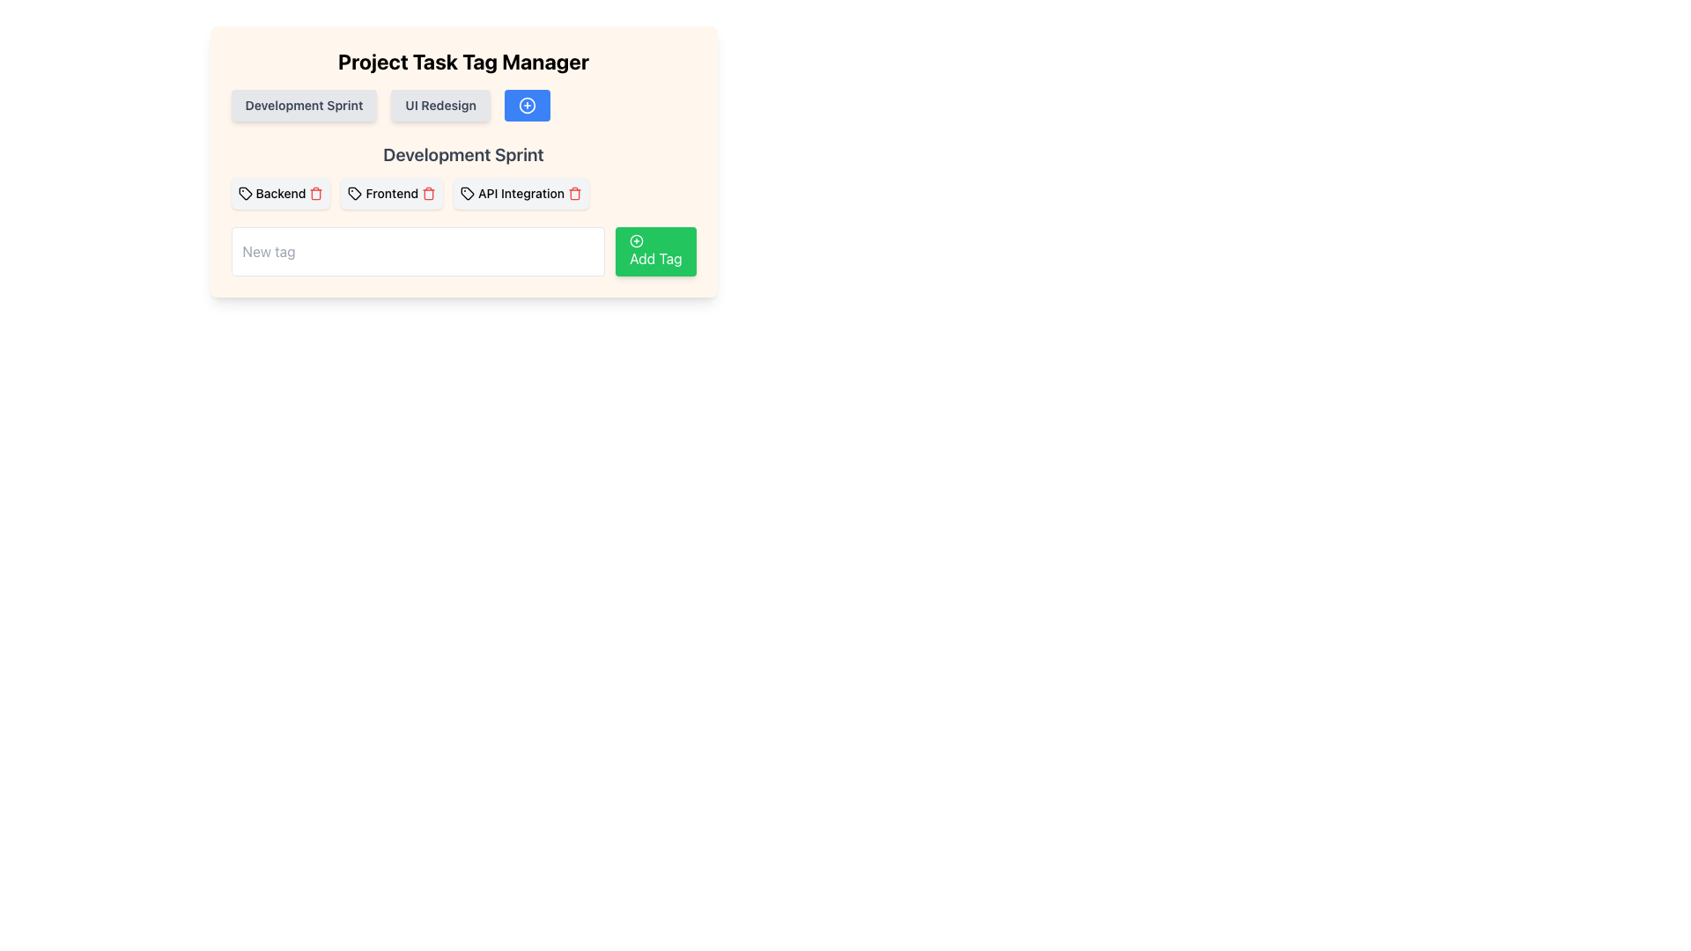  I want to click on the selectable tag button for 'Development Sprint' to activate visual feedback, so click(304, 105).